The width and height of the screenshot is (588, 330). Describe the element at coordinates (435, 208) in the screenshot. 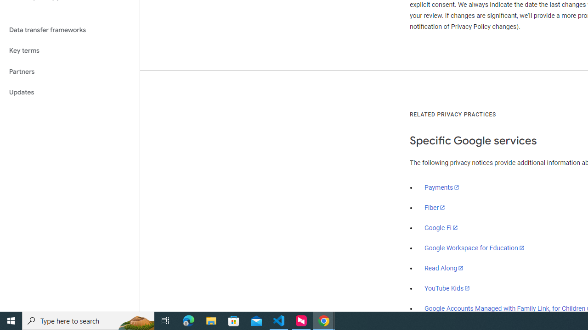

I see `'Fiber'` at that location.